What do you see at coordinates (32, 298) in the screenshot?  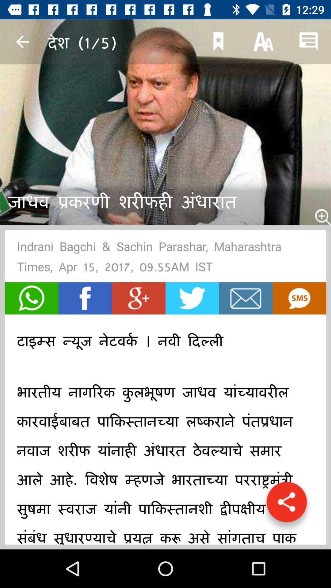 I see `share on whatsapp` at bounding box center [32, 298].